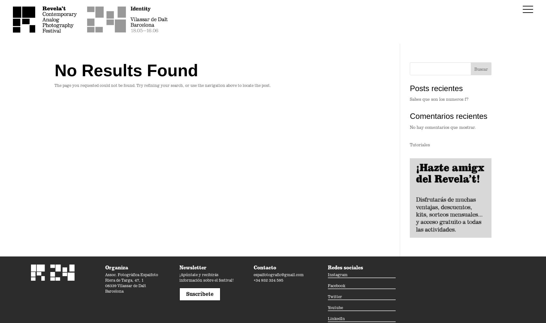 This screenshot has height=323, width=546. Describe the element at coordinates (131, 274) in the screenshot. I see `'Assoc. Fotogràfica Espaifoto'` at that location.